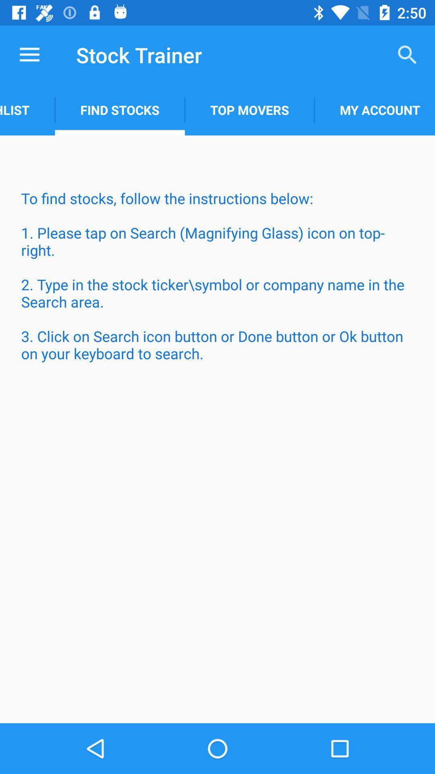  I want to click on the item above the watchlist item, so click(29, 54).